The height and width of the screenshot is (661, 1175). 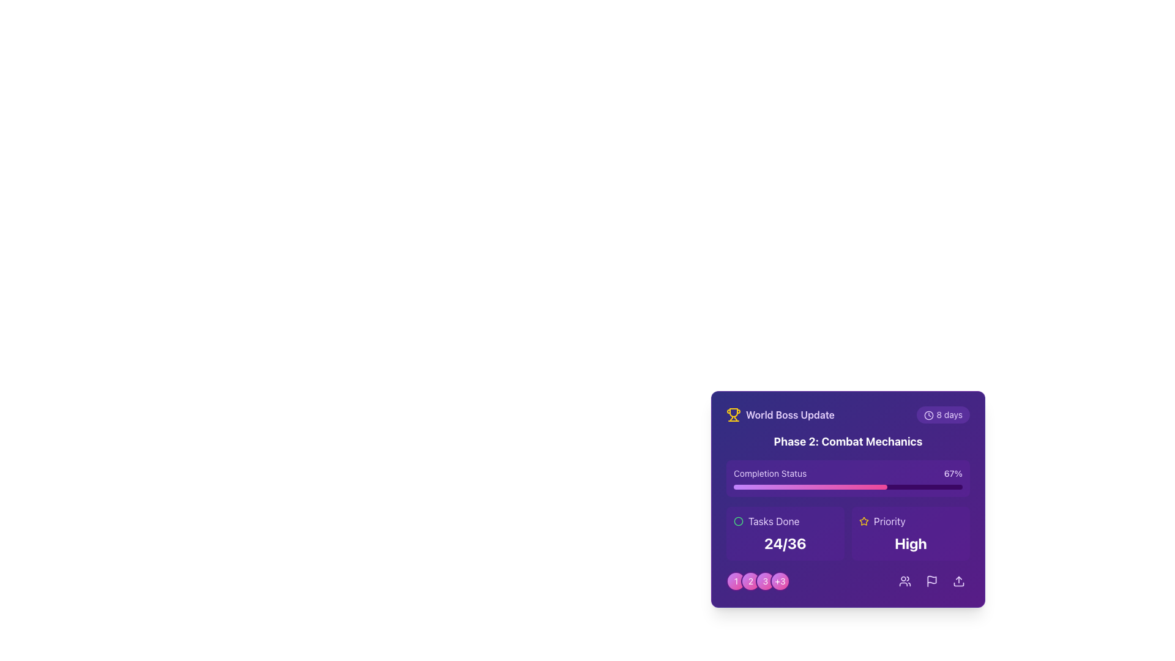 What do you see at coordinates (958, 584) in the screenshot?
I see `the decorative curved segment of the upload icon located at the bottom-right corner of the dashboard card` at bounding box center [958, 584].